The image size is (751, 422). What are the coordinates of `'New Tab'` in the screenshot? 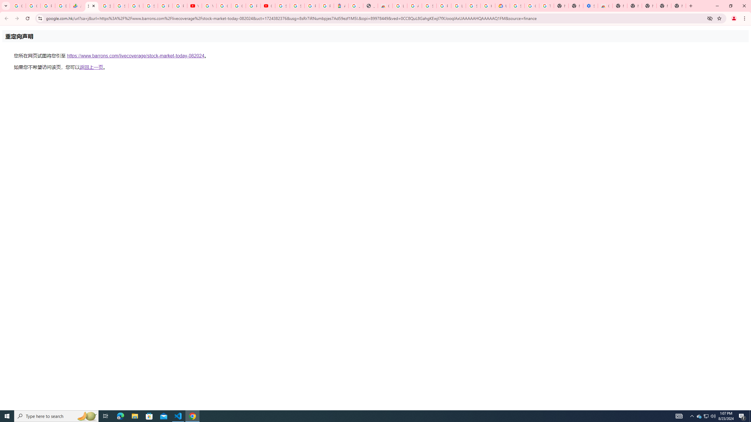 It's located at (678, 6).